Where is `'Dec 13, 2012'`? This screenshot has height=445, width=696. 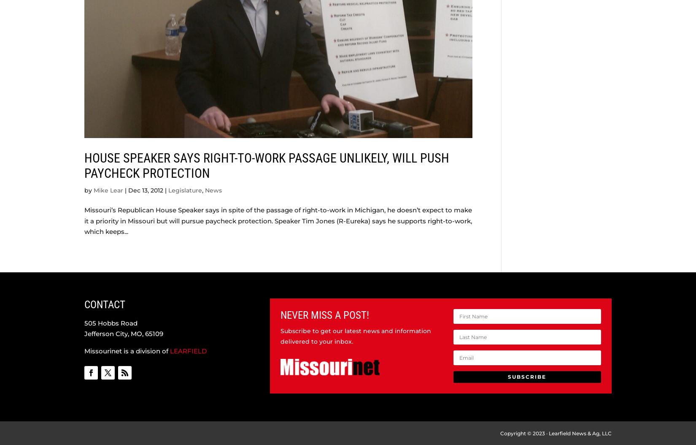
'Dec 13, 2012' is located at coordinates (146, 190).